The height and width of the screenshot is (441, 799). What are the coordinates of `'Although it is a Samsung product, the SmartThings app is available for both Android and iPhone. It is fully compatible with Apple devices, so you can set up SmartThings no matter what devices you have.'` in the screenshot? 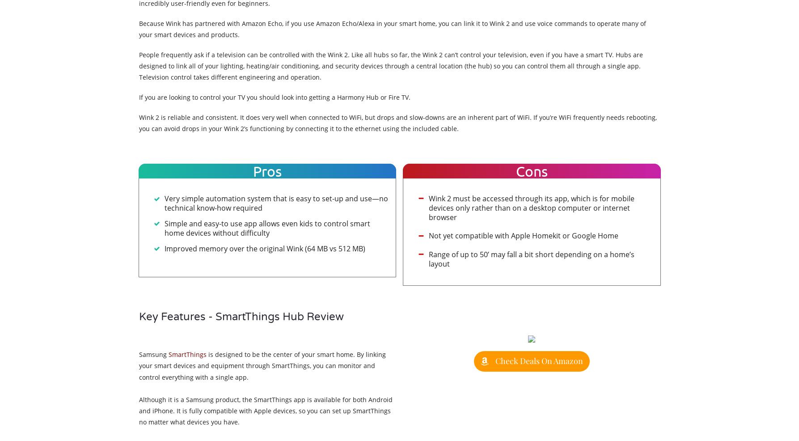 It's located at (265, 410).